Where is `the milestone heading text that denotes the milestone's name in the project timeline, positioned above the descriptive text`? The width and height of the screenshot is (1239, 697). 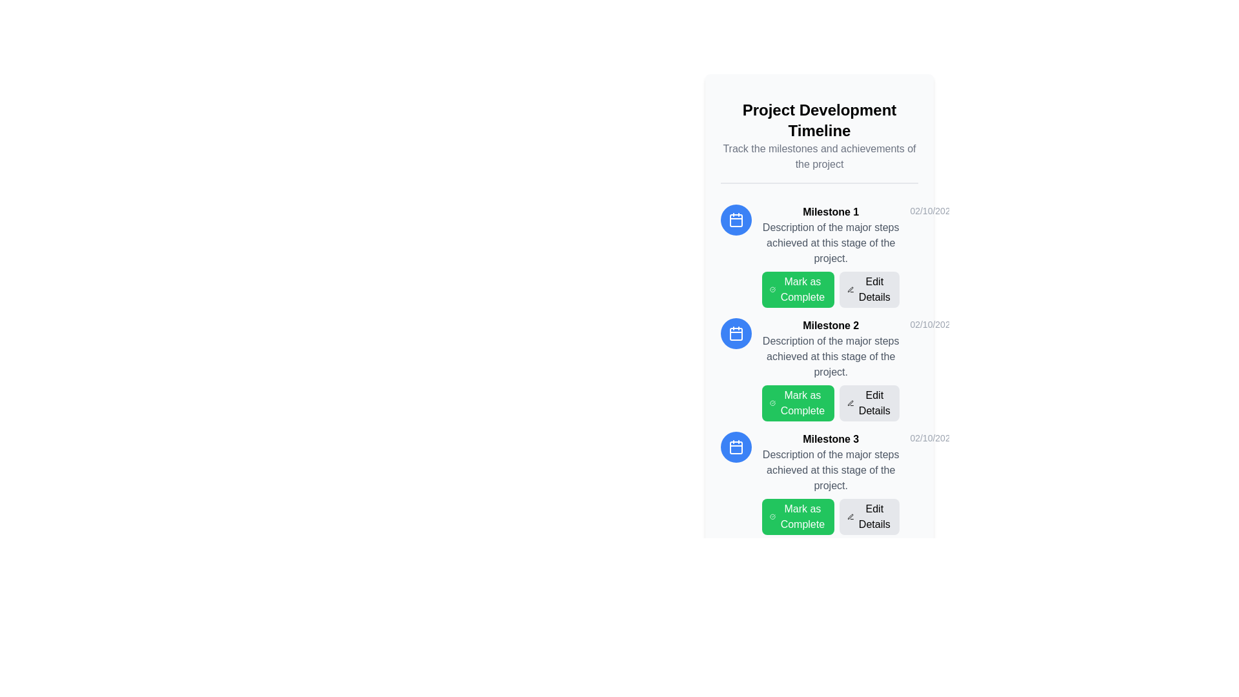
the milestone heading text that denotes the milestone's name in the project timeline, positioned above the descriptive text is located at coordinates (831, 211).